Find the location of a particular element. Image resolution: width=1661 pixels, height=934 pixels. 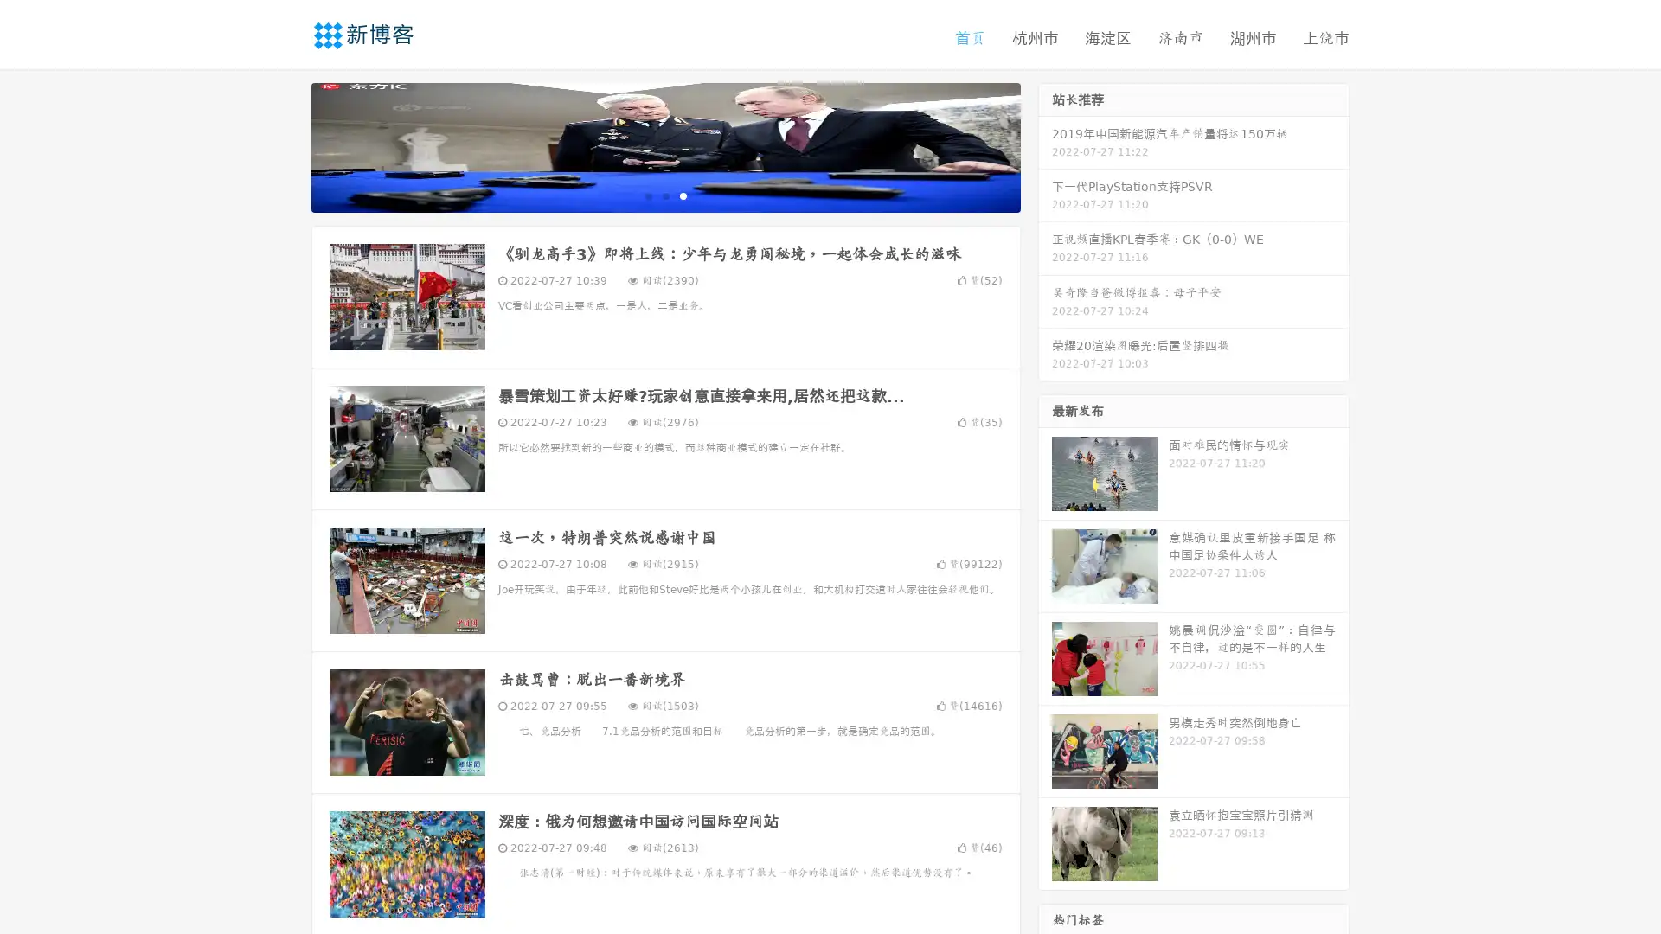

Go to slide 3 is located at coordinates (683, 195).